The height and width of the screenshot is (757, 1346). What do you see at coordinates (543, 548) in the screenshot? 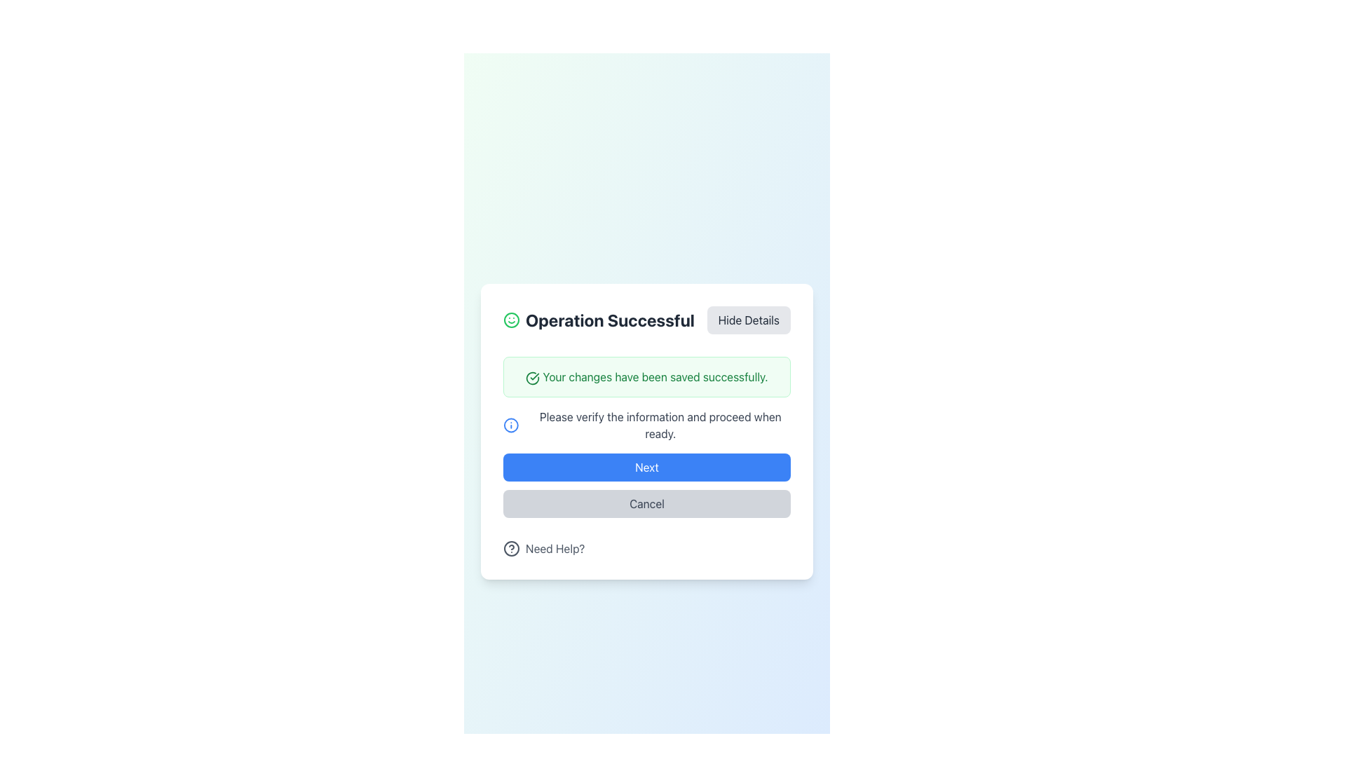
I see `the 'Need Help?' button with a question mark icon located in the lower-right part of the modal interface` at bounding box center [543, 548].